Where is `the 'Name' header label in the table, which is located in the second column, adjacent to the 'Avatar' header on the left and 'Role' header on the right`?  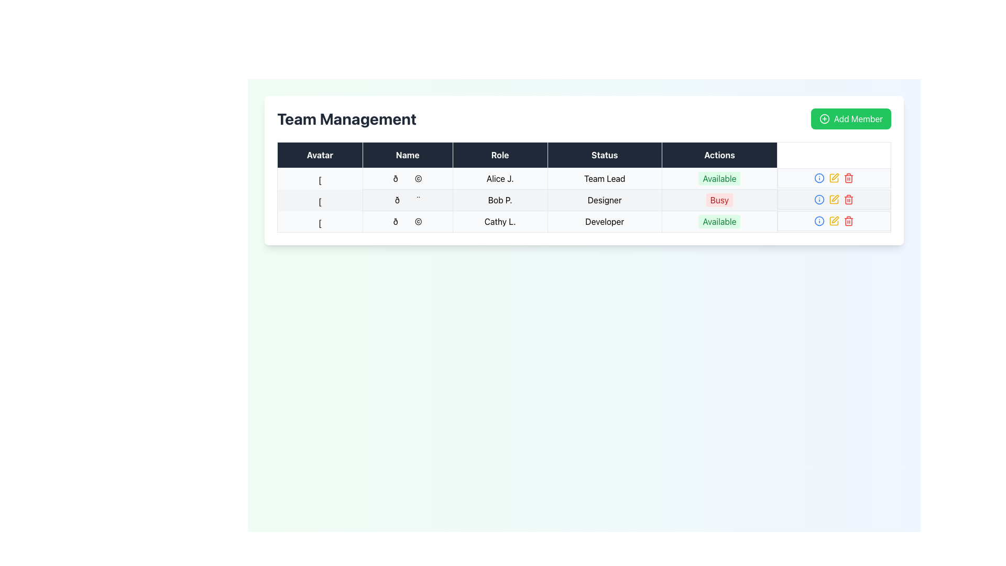 the 'Name' header label in the table, which is located in the second column, adjacent to the 'Avatar' header on the left and 'Role' header on the right is located at coordinates (407, 155).